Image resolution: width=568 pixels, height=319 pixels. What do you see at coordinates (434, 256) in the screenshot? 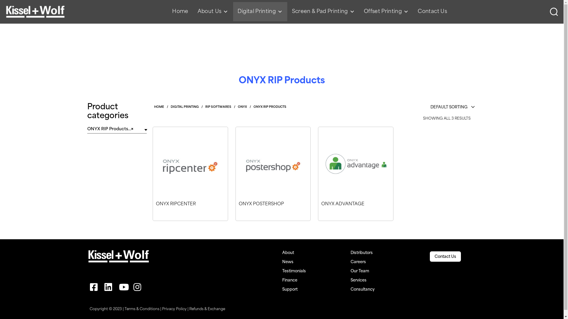
I see `'Contact Us'` at bounding box center [434, 256].